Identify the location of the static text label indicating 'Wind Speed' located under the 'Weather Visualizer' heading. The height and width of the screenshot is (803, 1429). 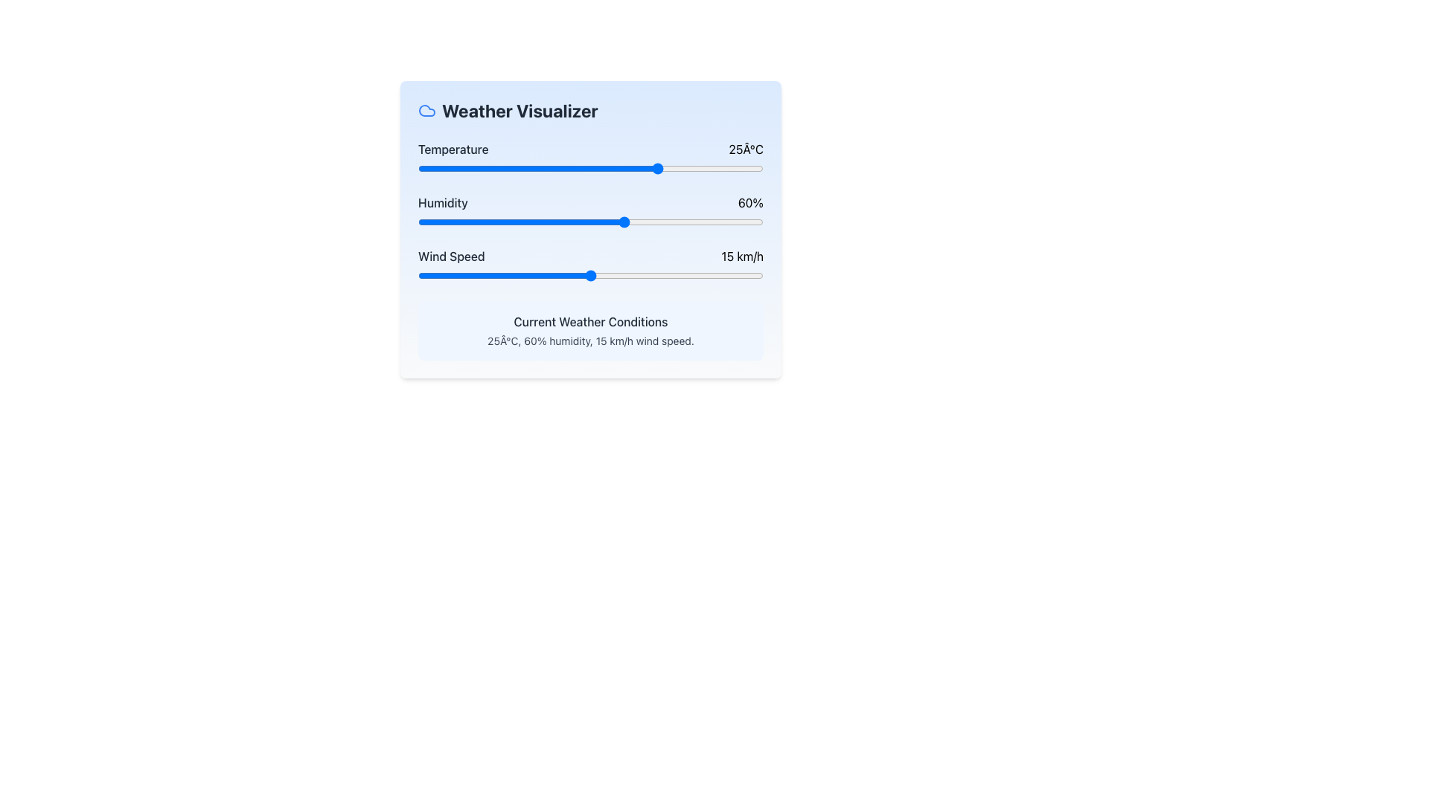
(450, 255).